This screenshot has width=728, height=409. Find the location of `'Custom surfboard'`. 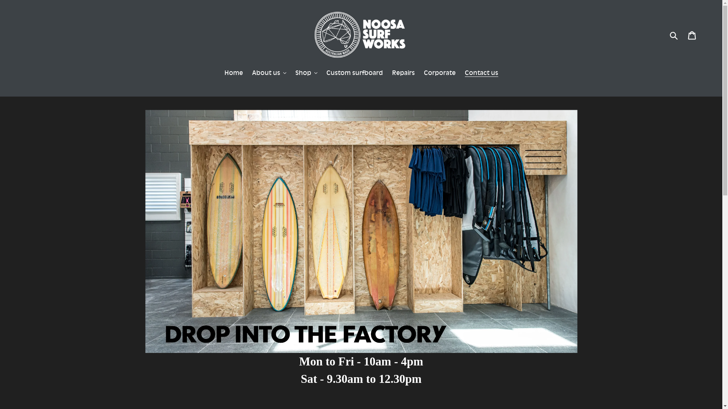

'Custom surfboard' is located at coordinates (354, 73).